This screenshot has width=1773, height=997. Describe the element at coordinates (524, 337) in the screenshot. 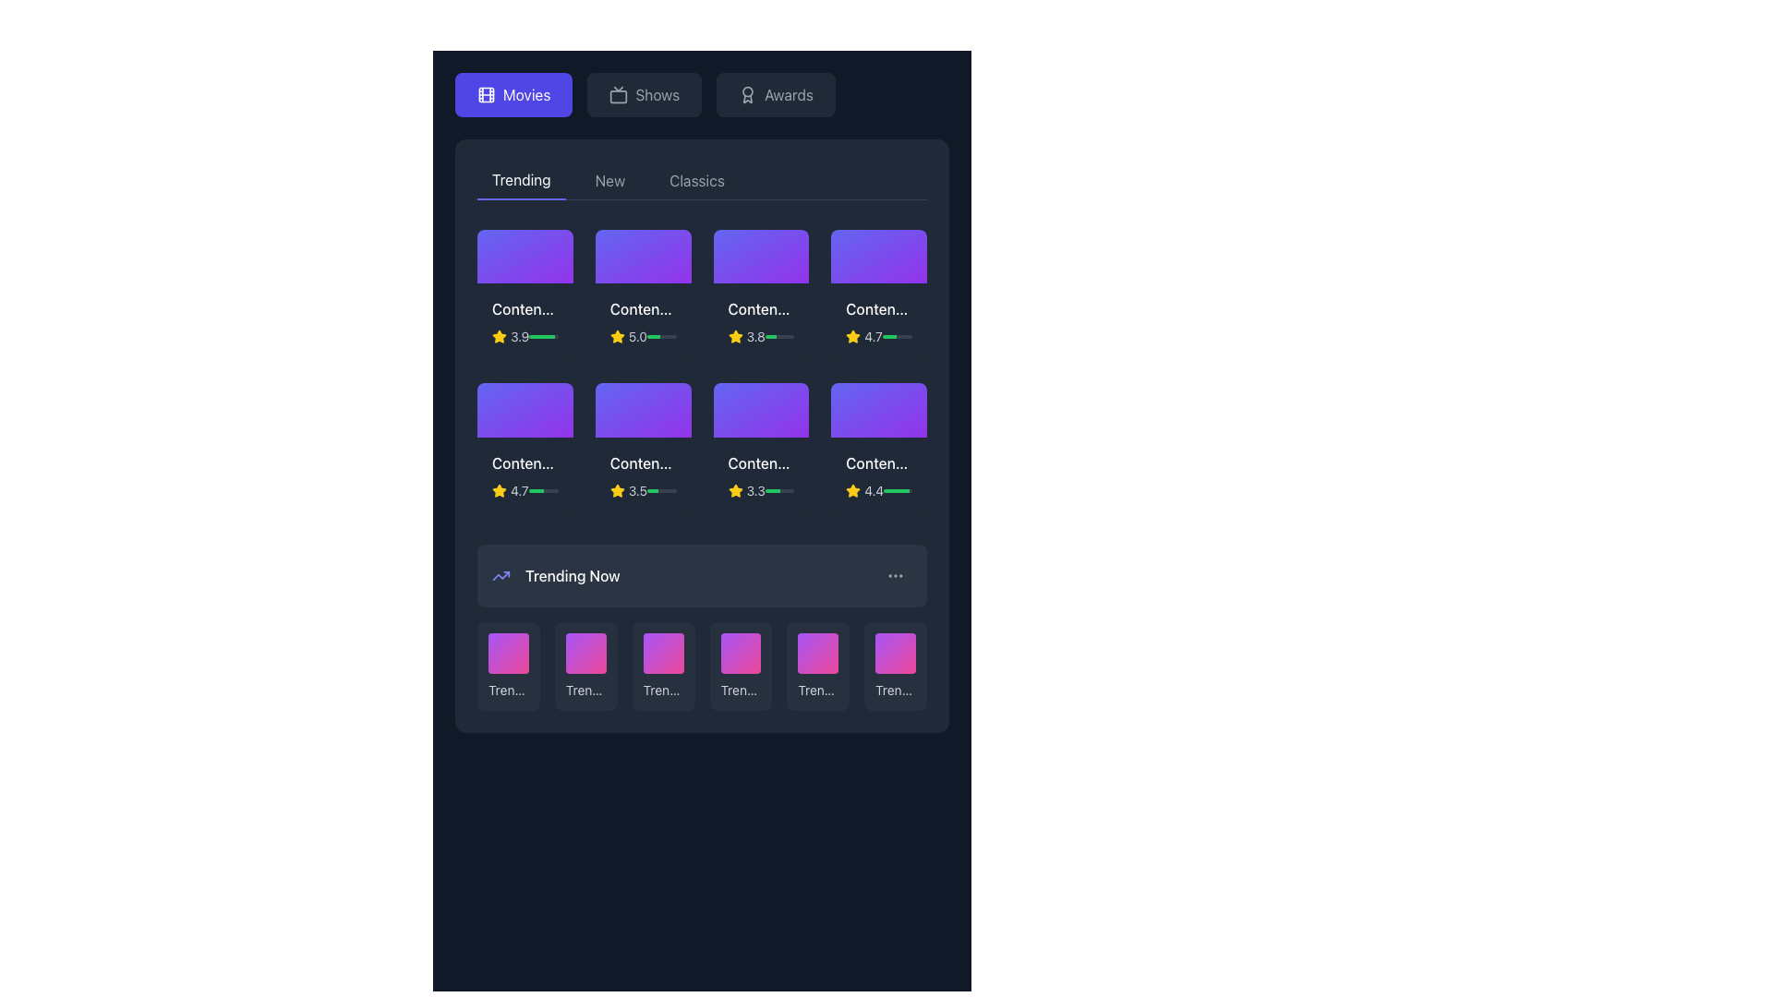

I see `the Rating indicator with a numeric label and progress bar, which displays a yellow star icon and the numeric rating '3.9'` at that location.